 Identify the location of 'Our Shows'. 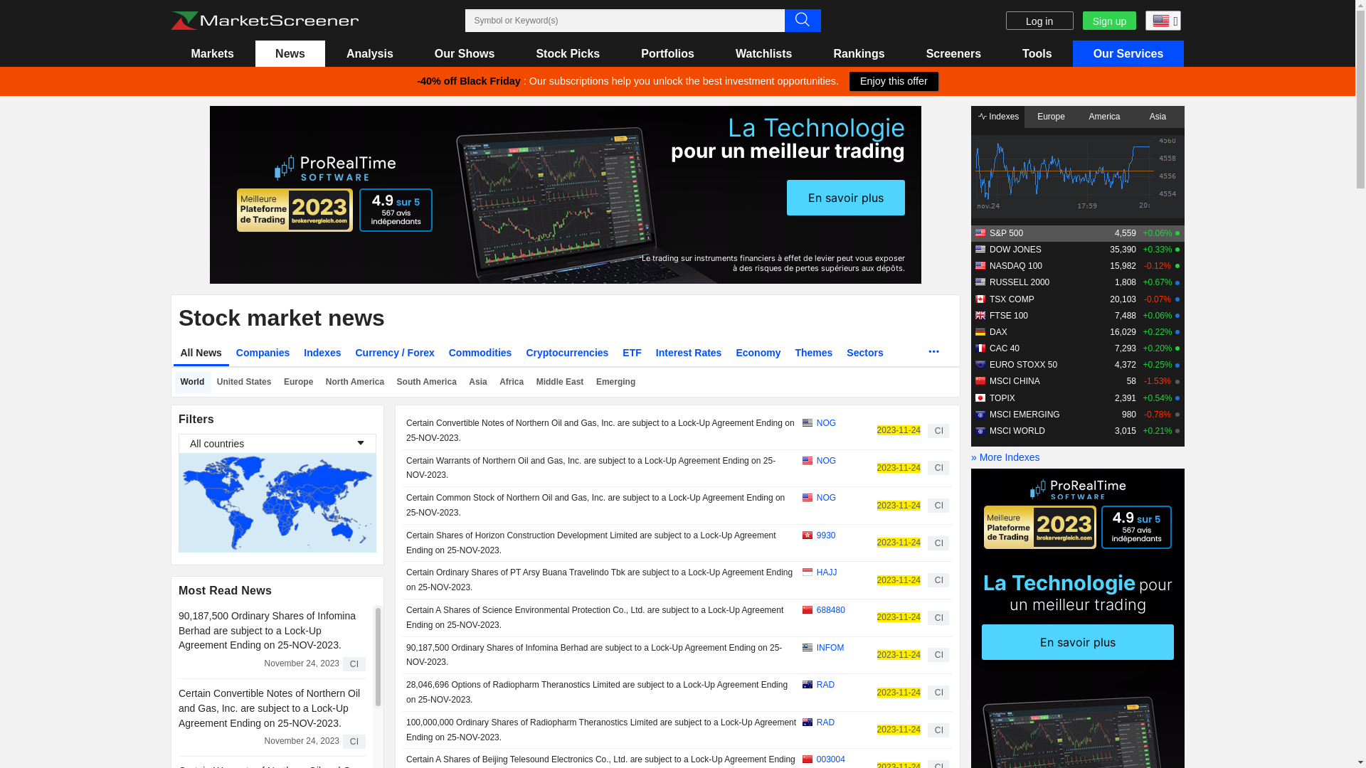
(464, 53).